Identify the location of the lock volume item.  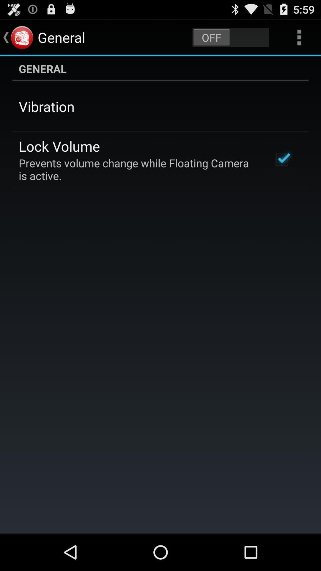
(59, 146).